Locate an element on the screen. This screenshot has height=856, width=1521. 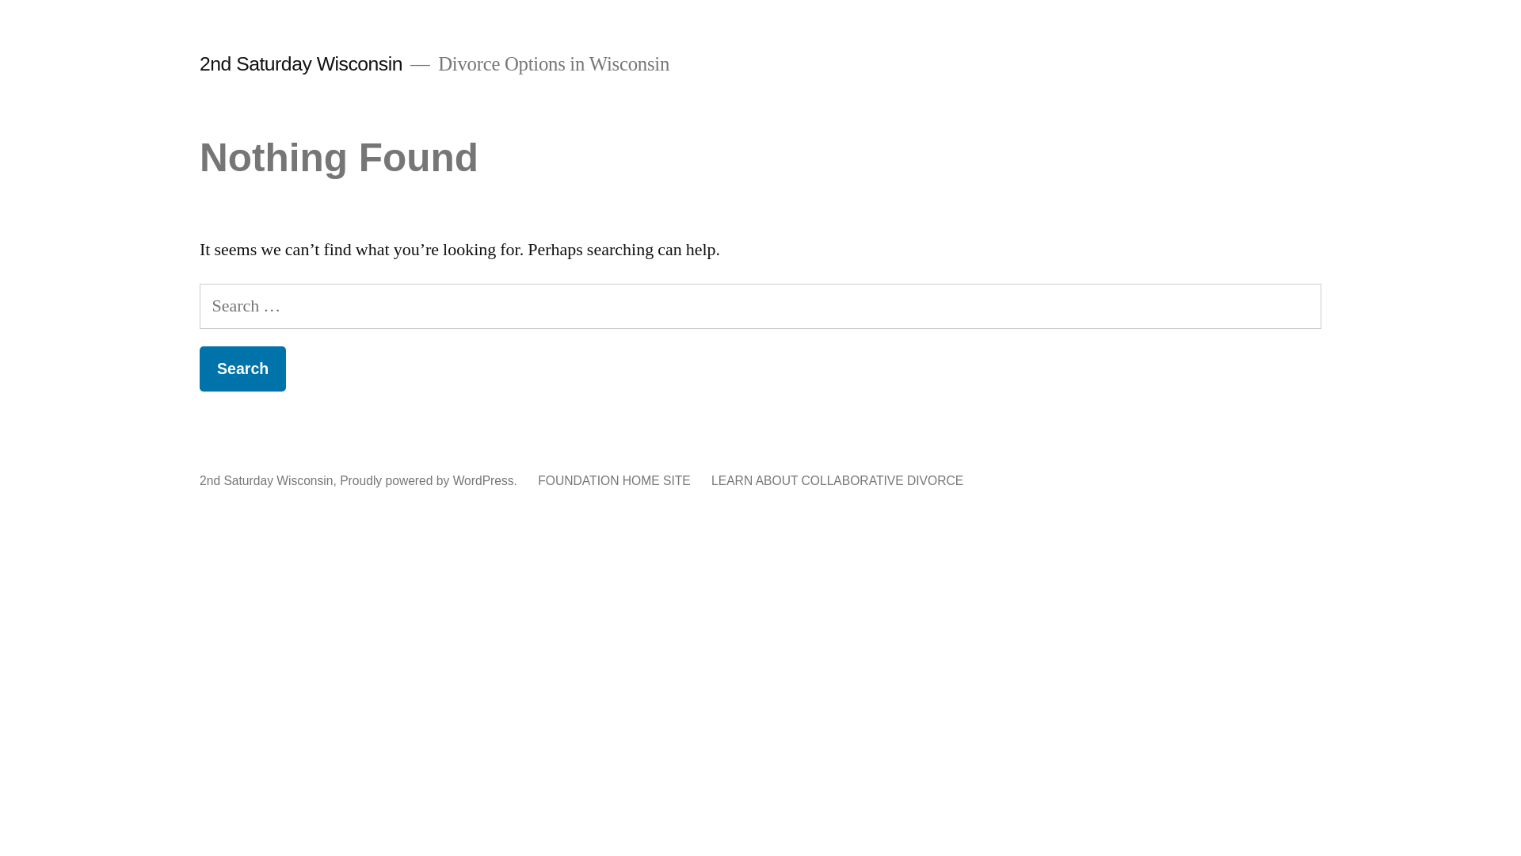
'Search' is located at coordinates (242, 369).